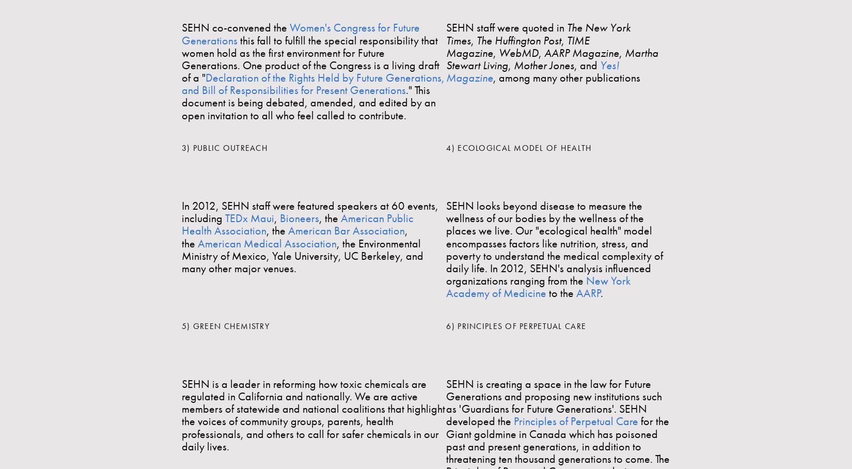 This screenshot has height=469, width=852. Describe the element at coordinates (225, 325) in the screenshot. I see `'5) Green chemistry'` at that location.